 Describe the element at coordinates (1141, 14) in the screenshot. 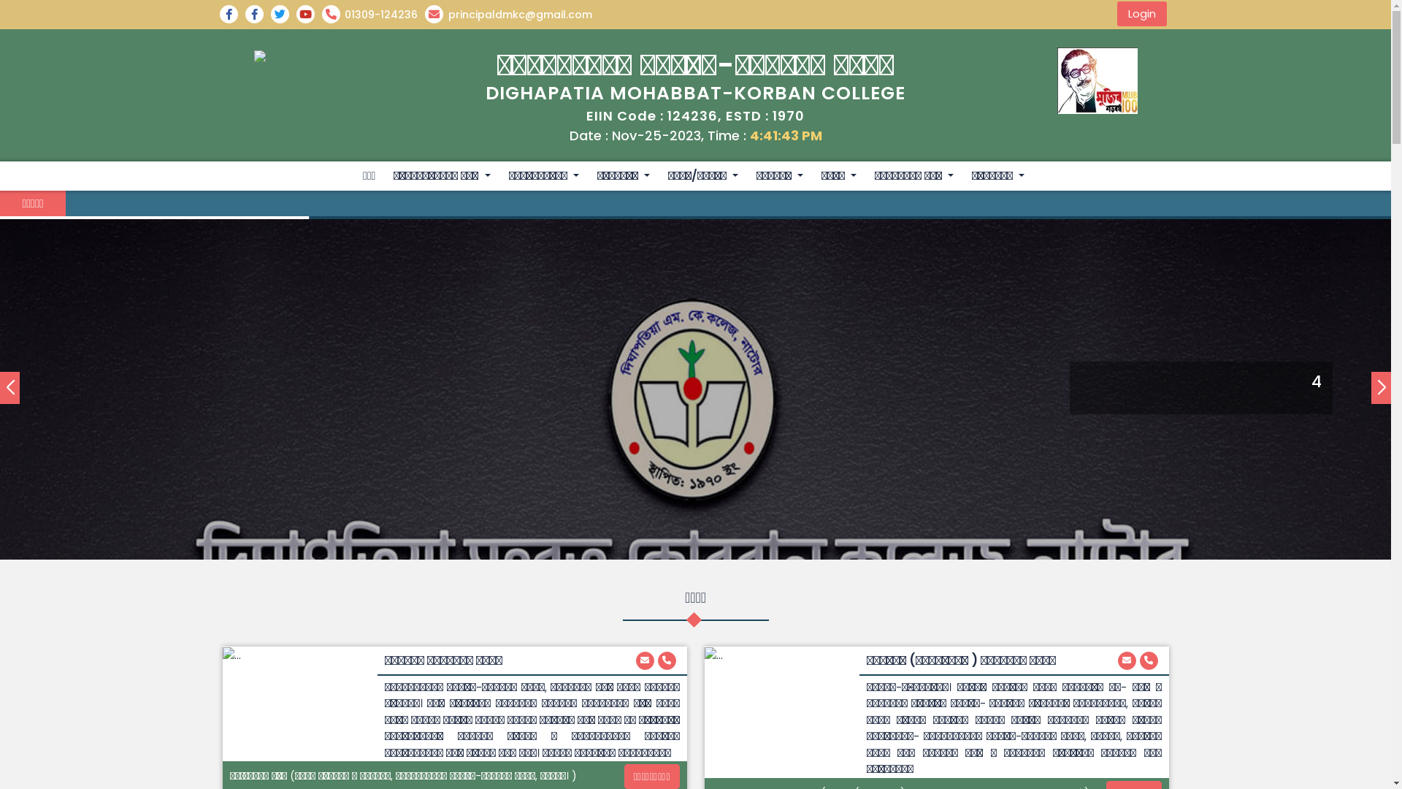

I see `'Login'` at that location.